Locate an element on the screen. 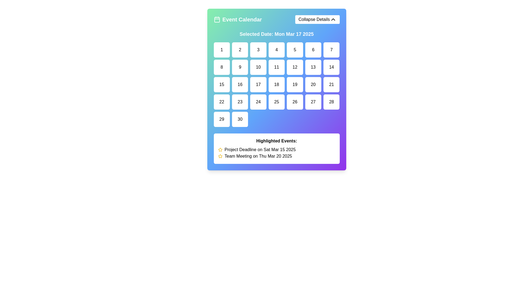  the calendar grid element that displays days of the month is located at coordinates (277, 85).